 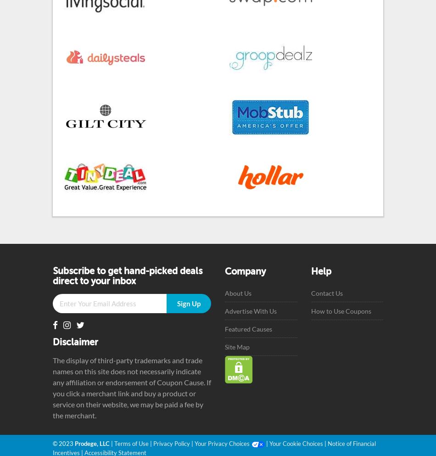 What do you see at coordinates (131, 443) in the screenshot?
I see `'Terms of Use'` at bounding box center [131, 443].